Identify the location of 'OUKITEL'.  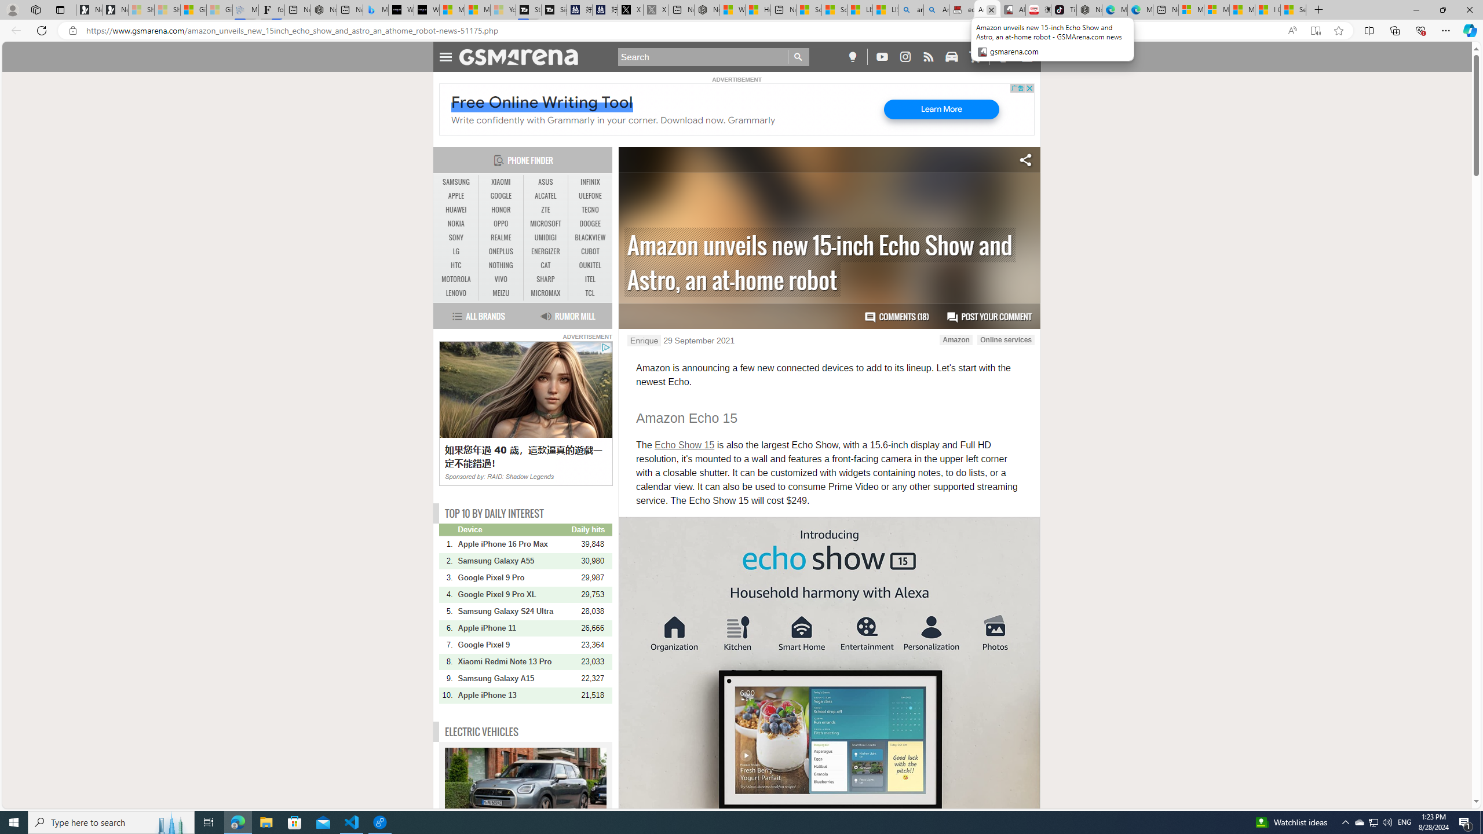
(590, 266).